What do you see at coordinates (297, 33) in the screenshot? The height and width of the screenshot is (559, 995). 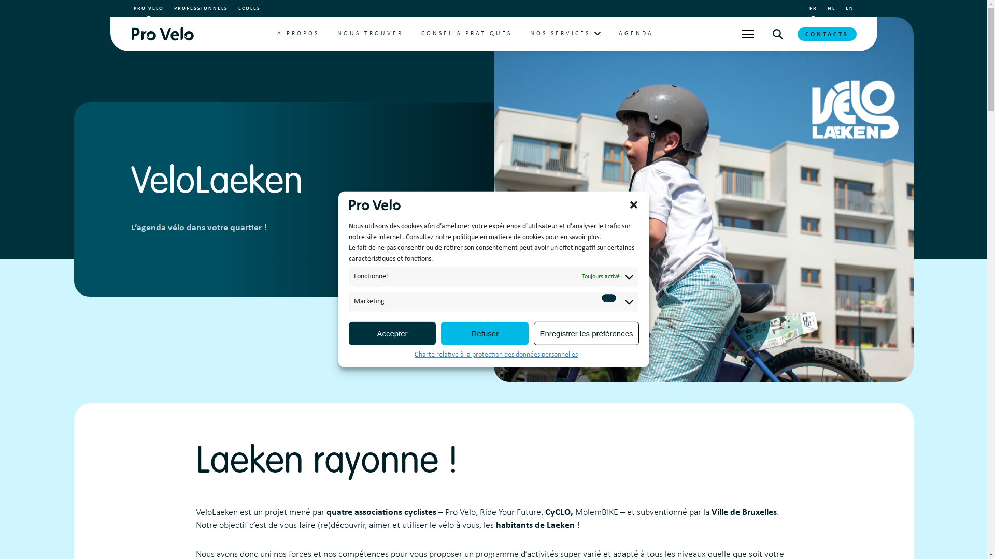 I see `'A PROPOS'` at bounding box center [297, 33].